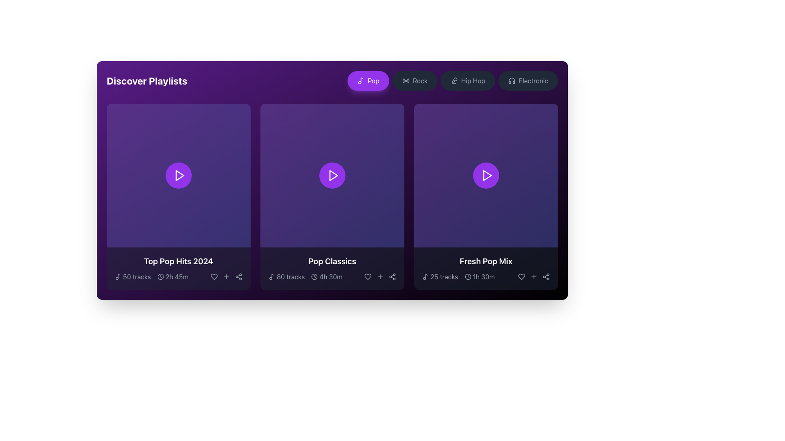 This screenshot has width=785, height=441. What do you see at coordinates (486, 269) in the screenshot?
I see `the interactive components related to the 'Fresh Pop Mix' playlist information displayed in the bottom-right corner of its card` at bounding box center [486, 269].